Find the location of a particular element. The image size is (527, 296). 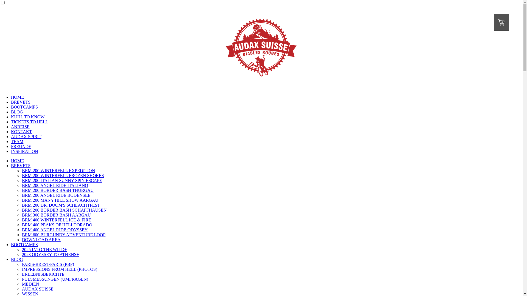

'BREVETS' is located at coordinates (21, 165).